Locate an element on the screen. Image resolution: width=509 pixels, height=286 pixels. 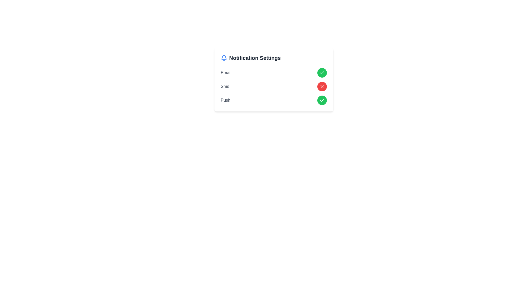
the 'Notification Settings' heading with a blue bell icon located at the top of the settings card is located at coordinates (274, 58).